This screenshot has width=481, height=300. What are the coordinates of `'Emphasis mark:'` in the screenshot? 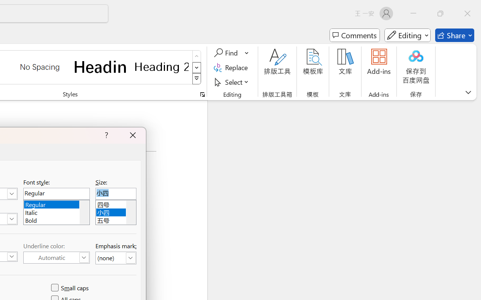 It's located at (115, 258).